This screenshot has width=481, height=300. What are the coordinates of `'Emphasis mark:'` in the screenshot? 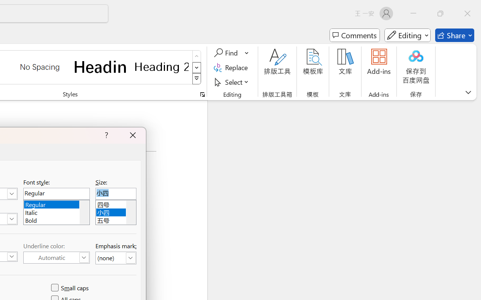 It's located at (115, 258).